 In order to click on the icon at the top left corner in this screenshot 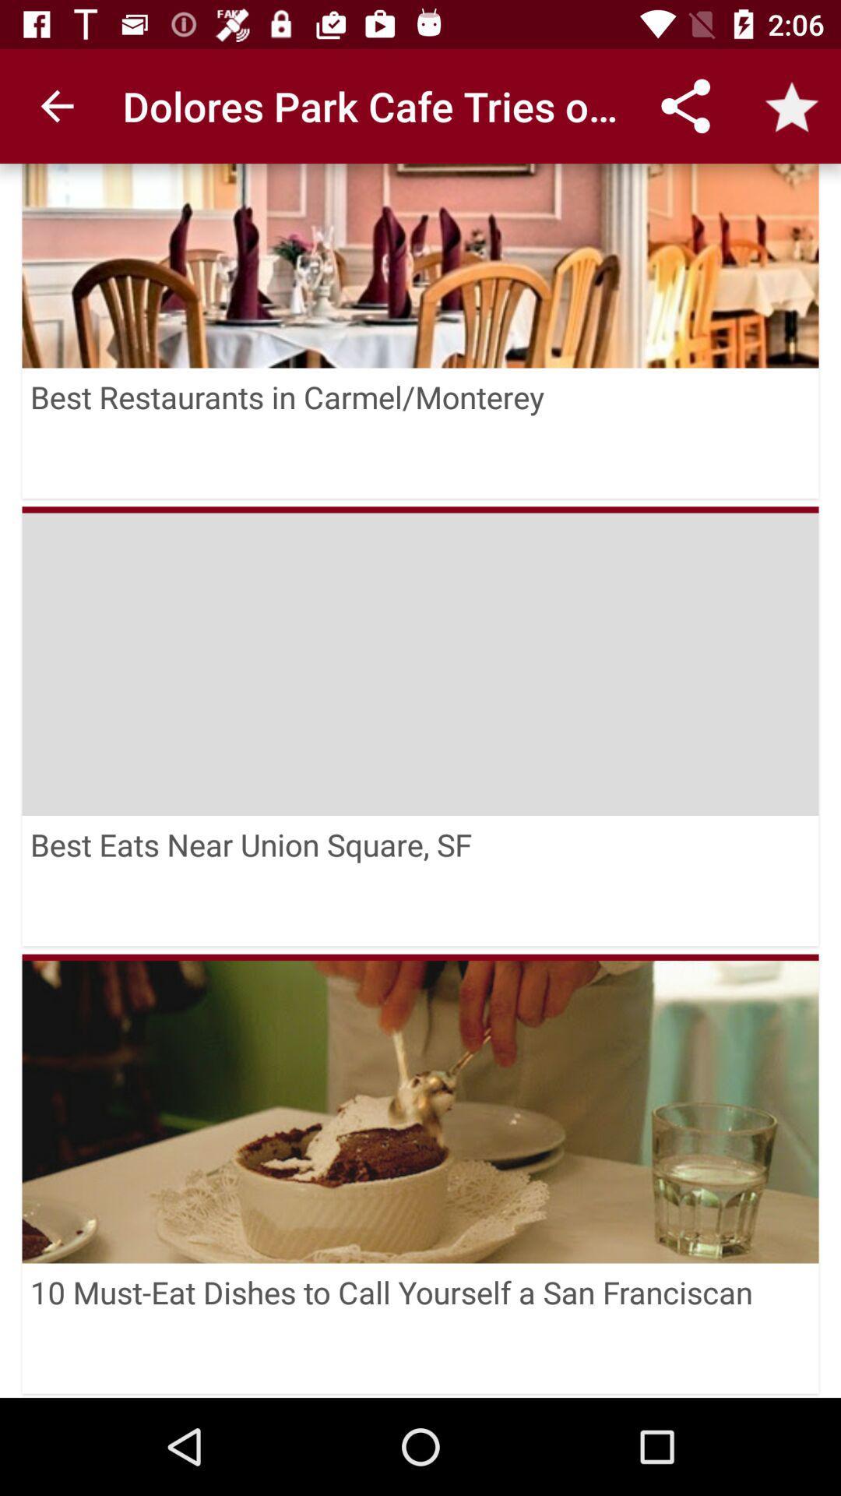, I will do `click(56, 105)`.